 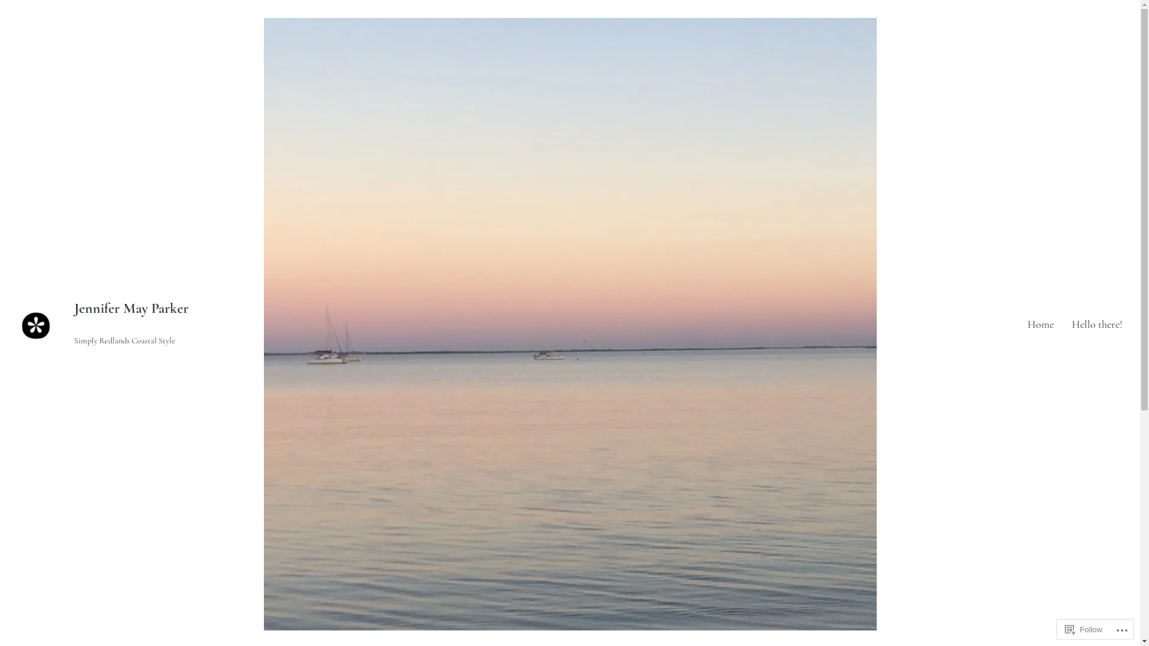 What do you see at coordinates (1097, 324) in the screenshot?
I see `'Hello there!'` at bounding box center [1097, 324].